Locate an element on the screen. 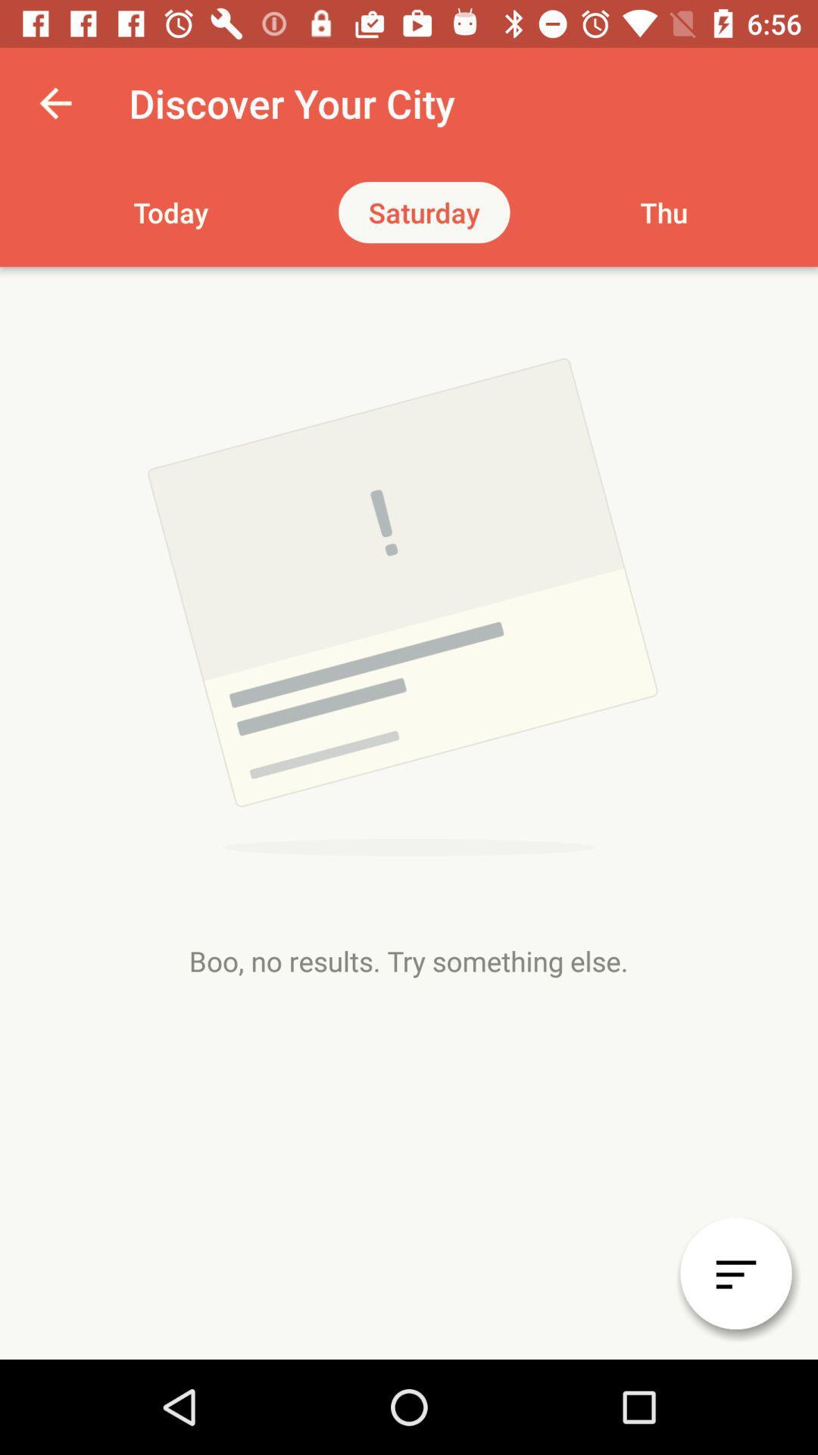 The image size is (818, 1455). show poll results is located at coordinates (735, 1273).